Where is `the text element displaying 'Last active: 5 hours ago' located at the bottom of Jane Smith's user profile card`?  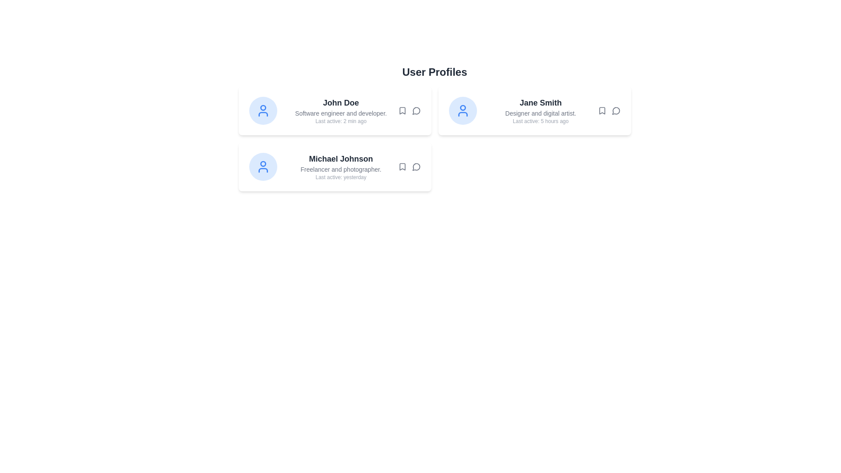 the text element displaying 'Last active: 5 hours ago' located at the bottom of Jane Smith's user profile card is located at coordinates (540, 121).